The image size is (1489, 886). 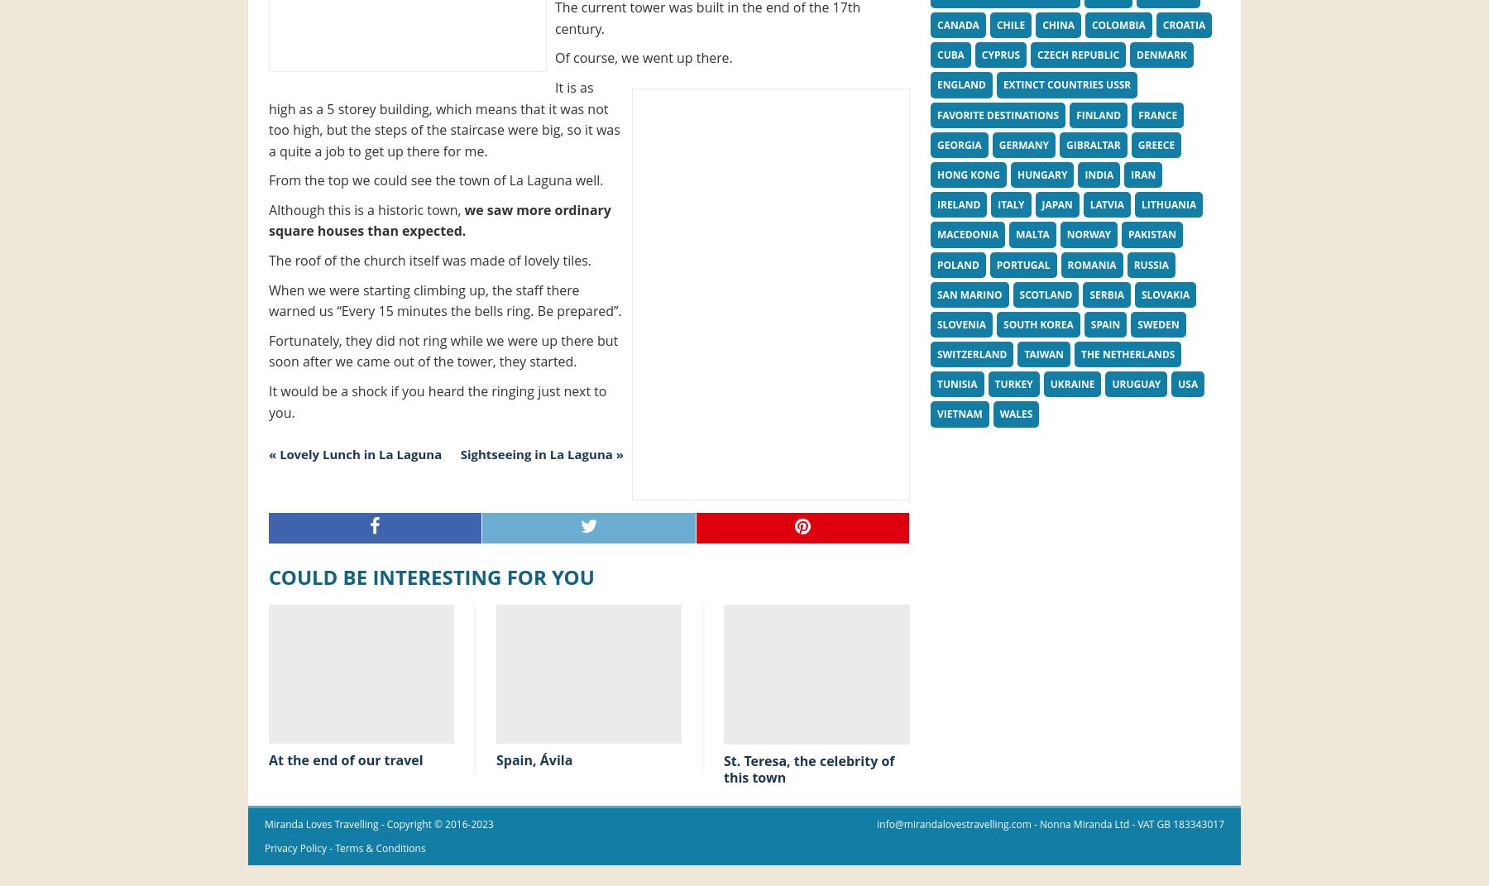 What do you see at coordinates (295, 848) in the screenshot?
I see `'Privacy Policy'` at bounding box center [295, 848].